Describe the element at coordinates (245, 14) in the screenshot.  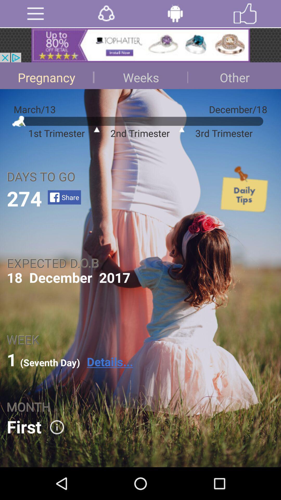
I see `like` at that location.